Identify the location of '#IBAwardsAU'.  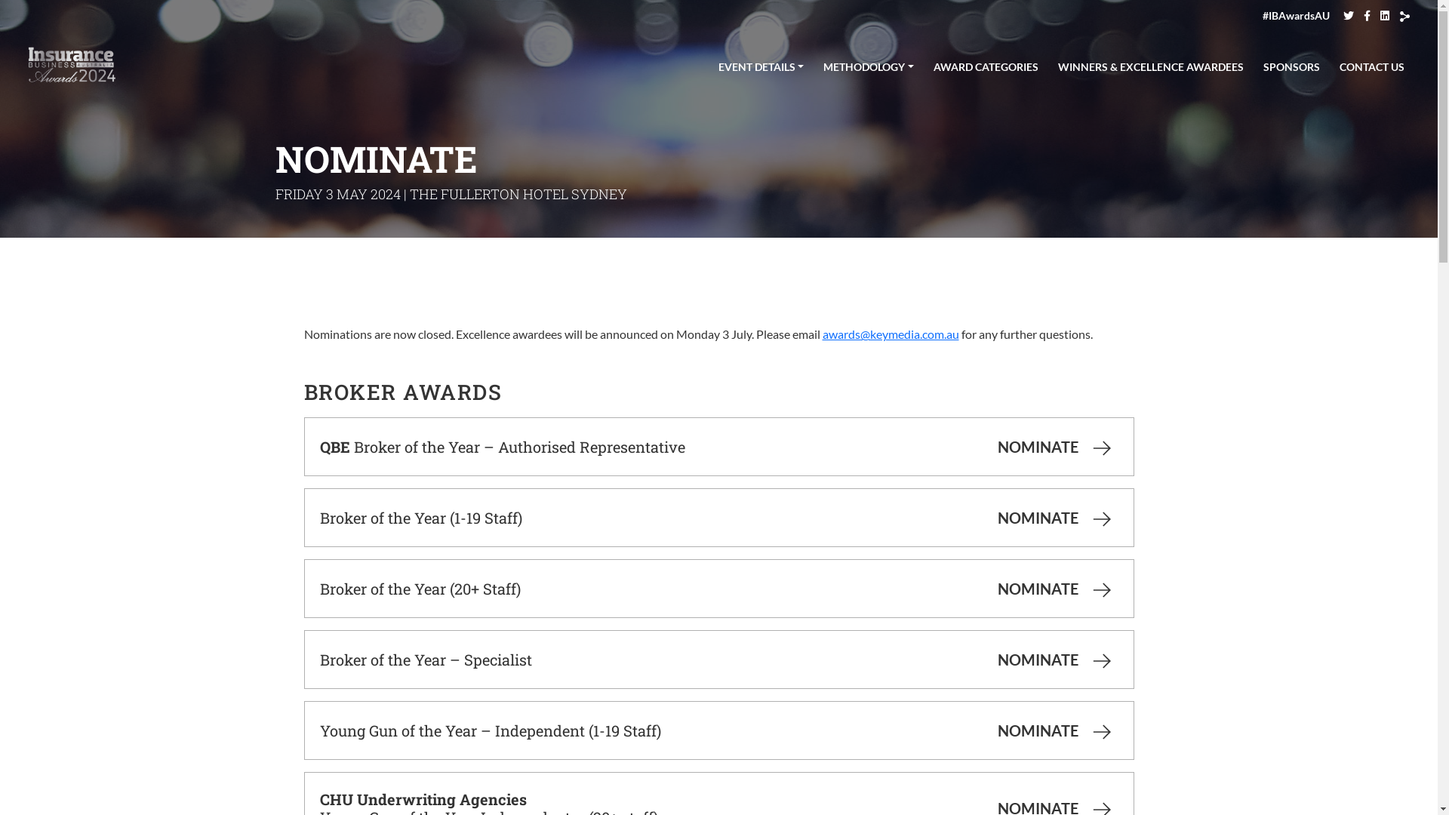
(1295, 15).